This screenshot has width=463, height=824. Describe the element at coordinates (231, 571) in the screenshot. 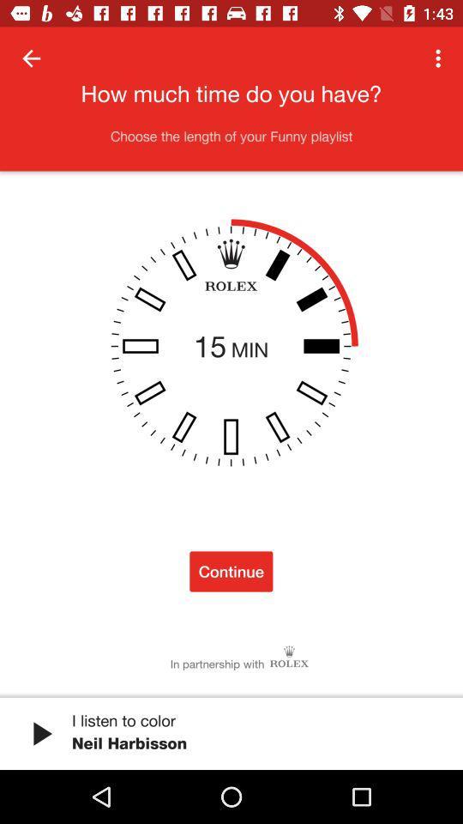

I see `continue` at that location.